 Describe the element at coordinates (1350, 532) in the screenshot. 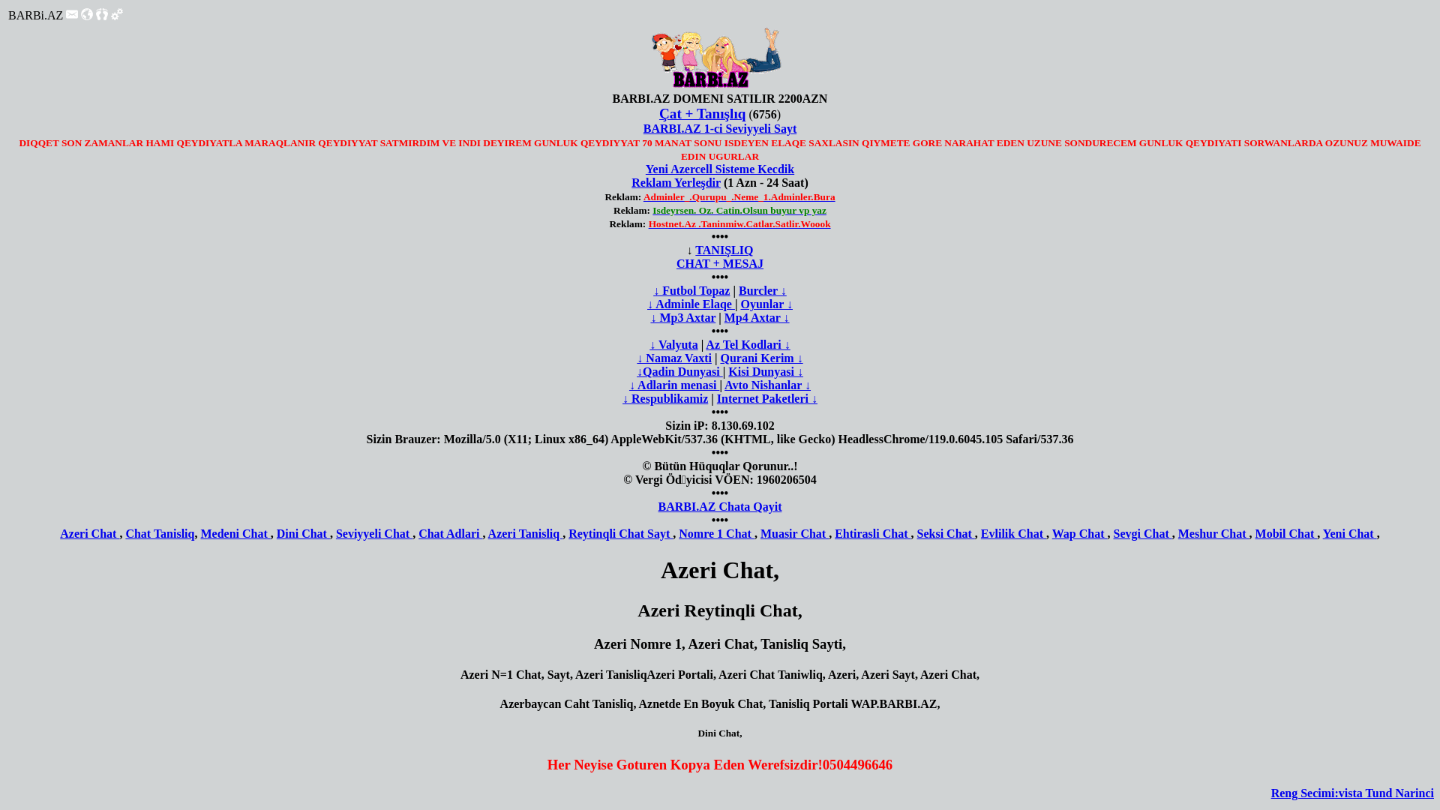

I see `'Yeni Chat'` at that location.